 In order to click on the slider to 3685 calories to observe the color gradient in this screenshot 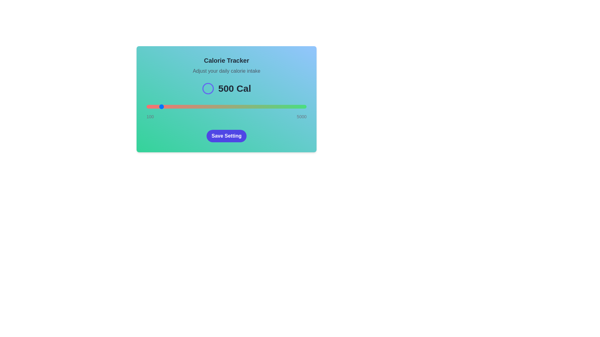, I will do `click(263, 106)`.